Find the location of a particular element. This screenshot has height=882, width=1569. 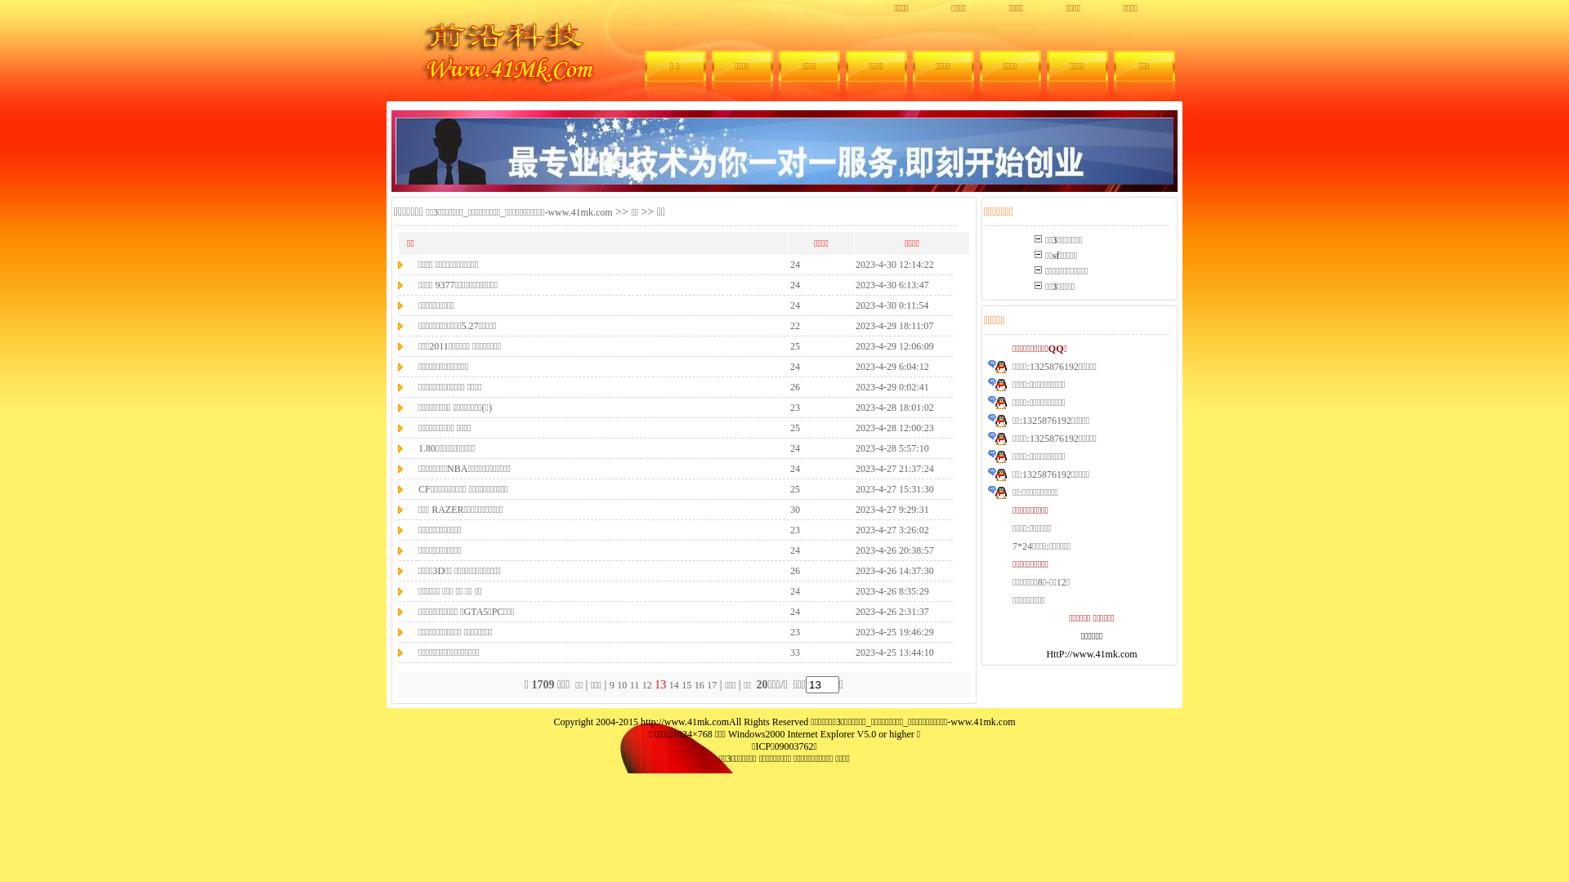

'2023-4-28 18:01:02' is located at coordinates (893, 406).